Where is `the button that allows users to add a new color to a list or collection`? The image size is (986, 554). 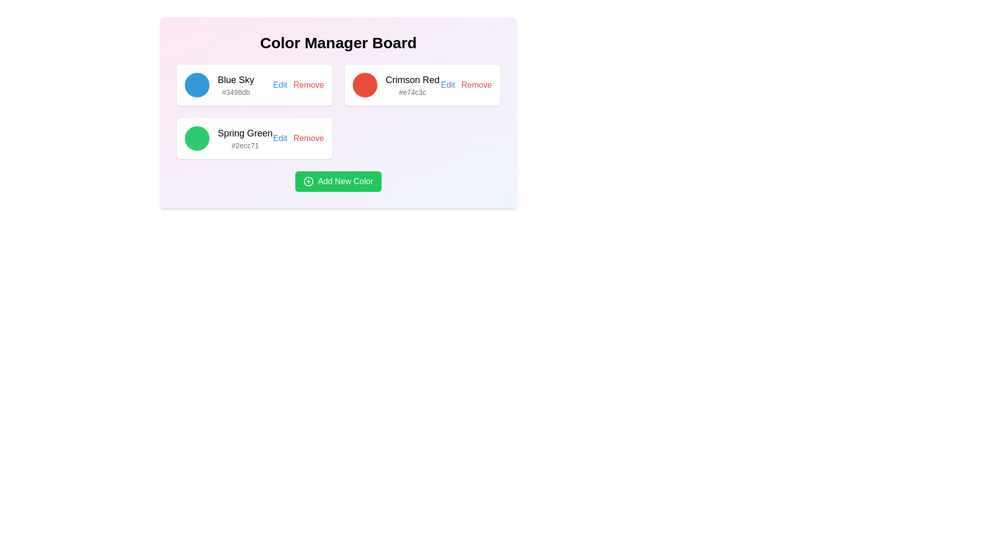 the button that allows users to add a new color to a list or collection is located at coordinates (338, 181).